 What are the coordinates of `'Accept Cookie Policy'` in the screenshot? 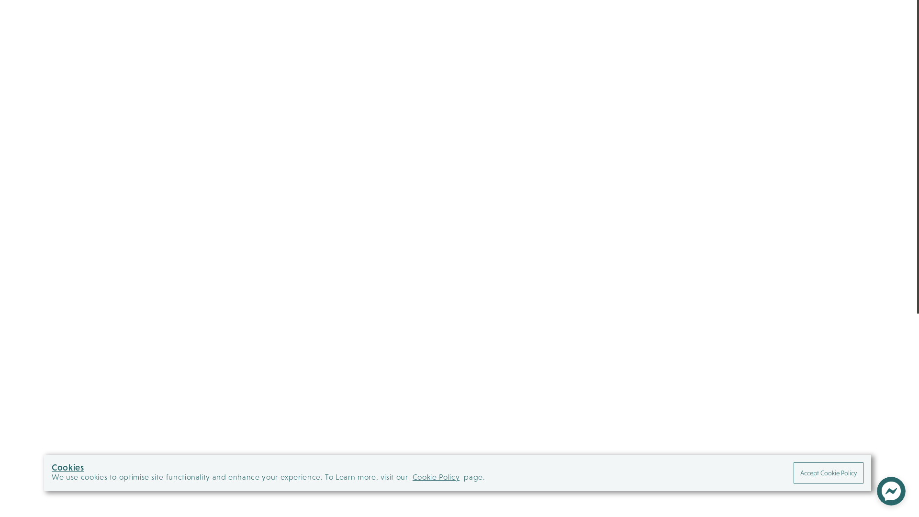 It's located at (828, 472).